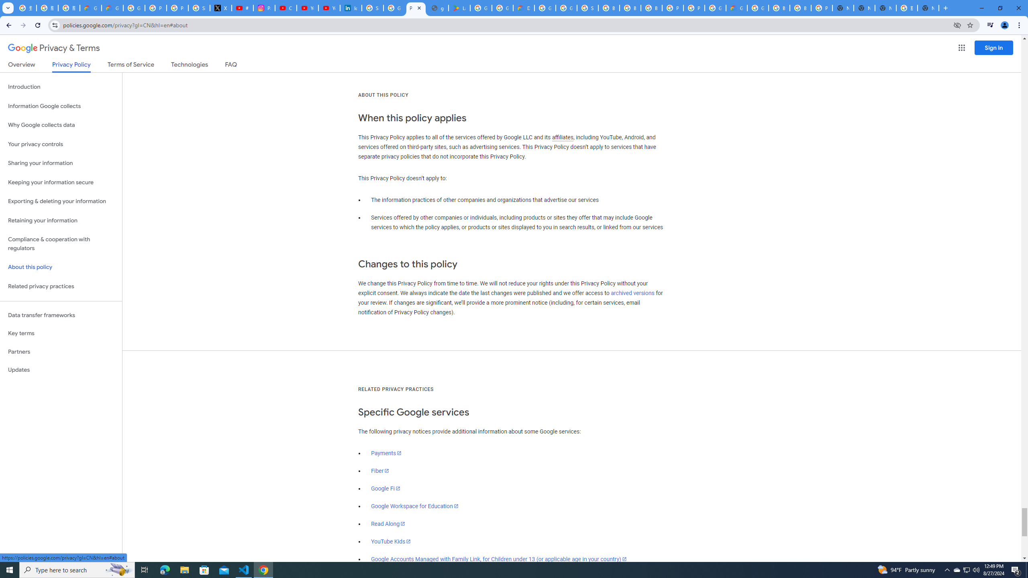 The image size is (1028, 578). Describe the element at coordinates (373, 8) in the screenshot. I see `'Sign in - Google Accounts'` at that location.